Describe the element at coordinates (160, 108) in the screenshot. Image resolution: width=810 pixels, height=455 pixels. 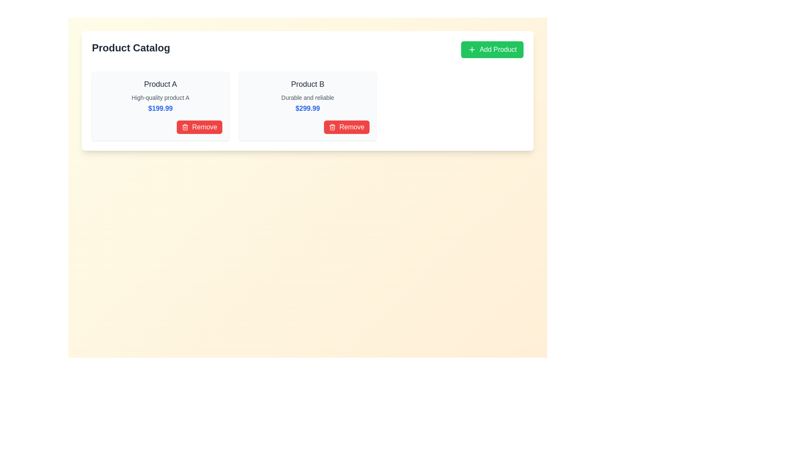
I see `the static text label displaying the price of 'Product A', located within its product card, below the product description and above the 'Remove' button` at that location.